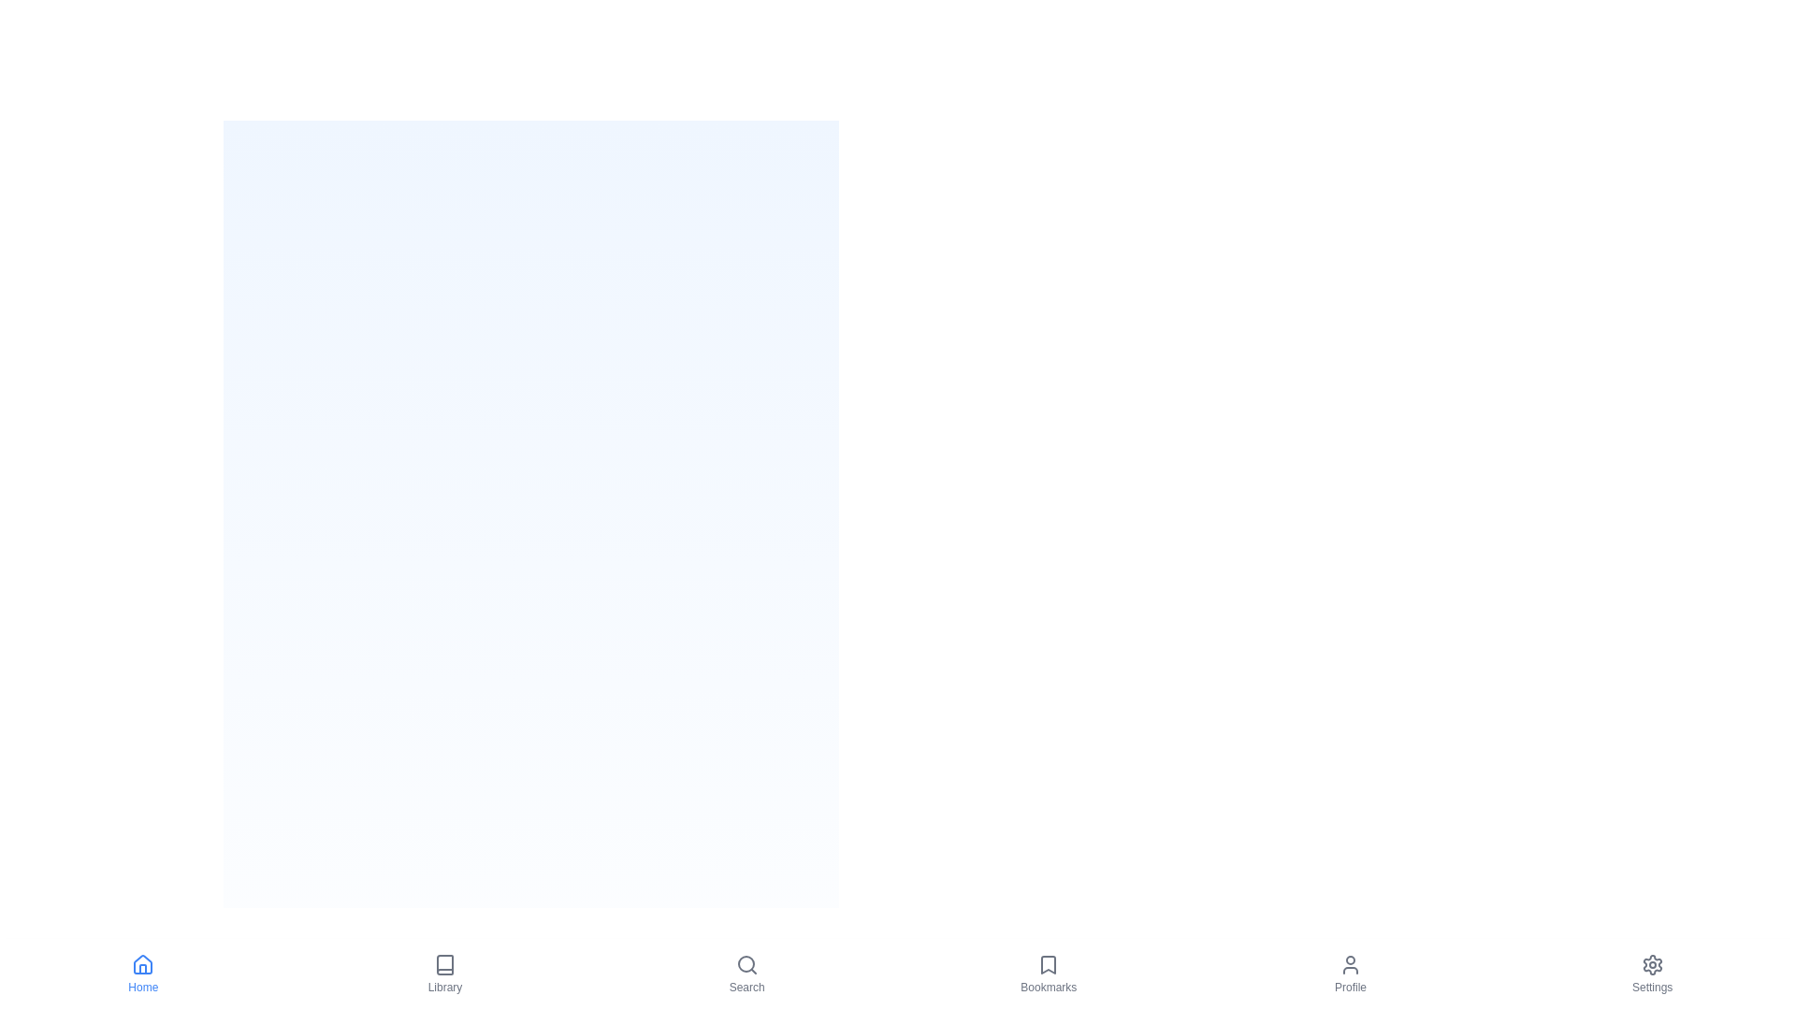 Image resolution: width=1796 pixels, height=1010 pixels. I want to click on the Profile tab by clicking its icon, so click(1350, 973).